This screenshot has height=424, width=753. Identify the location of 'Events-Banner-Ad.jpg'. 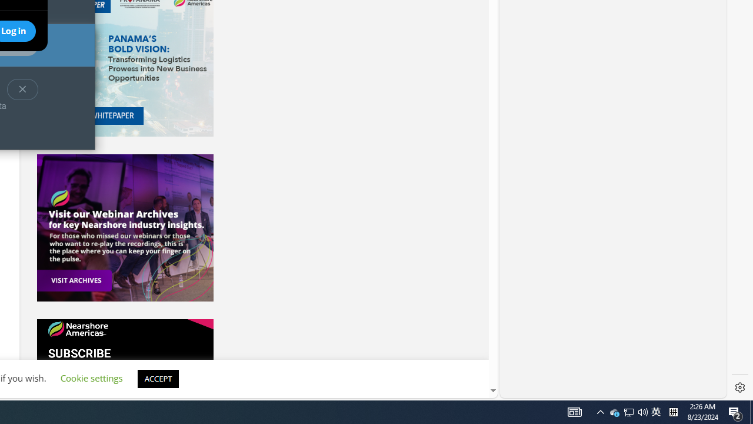
(125, 228).